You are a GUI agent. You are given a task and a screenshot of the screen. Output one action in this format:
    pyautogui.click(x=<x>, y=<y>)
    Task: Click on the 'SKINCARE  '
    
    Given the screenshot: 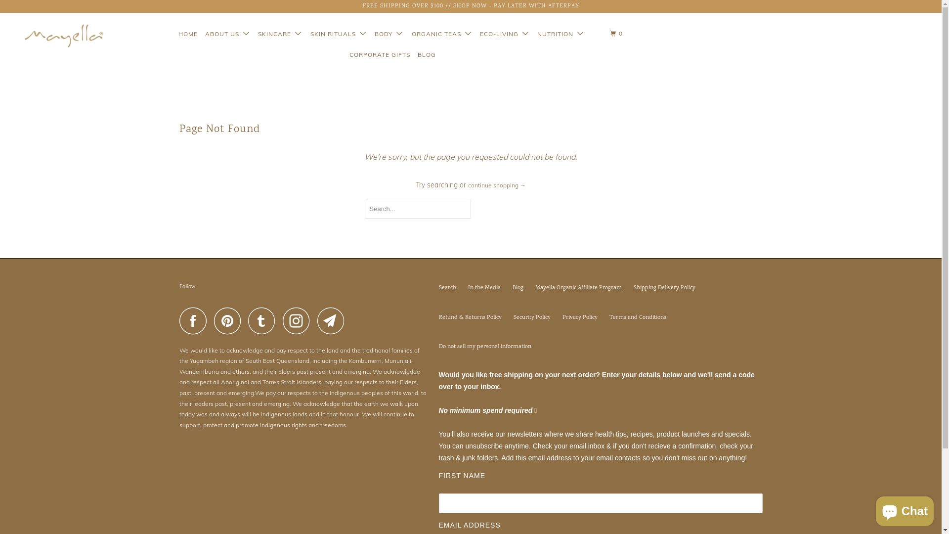 What is the action you would take?
    pyautogui.click(x=279, y=33)
    